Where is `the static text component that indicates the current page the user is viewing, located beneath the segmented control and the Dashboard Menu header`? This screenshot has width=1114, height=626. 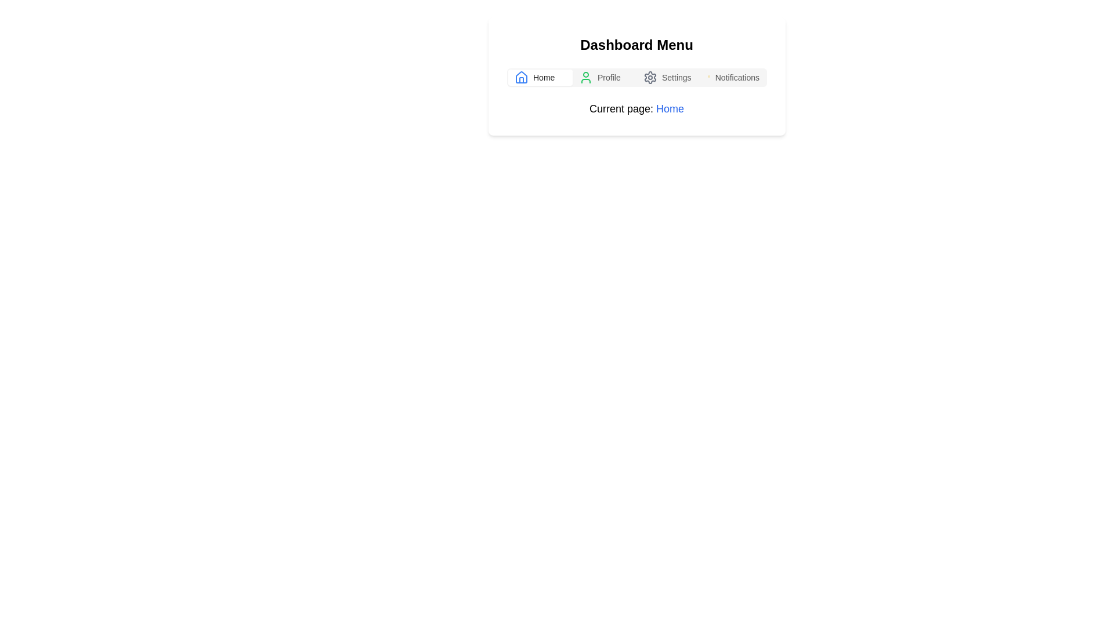
the static text component that indicates the current page the user is viewing, located beneath the segmented control and the Dashboard Menu header is located at coordinates (636, 109).